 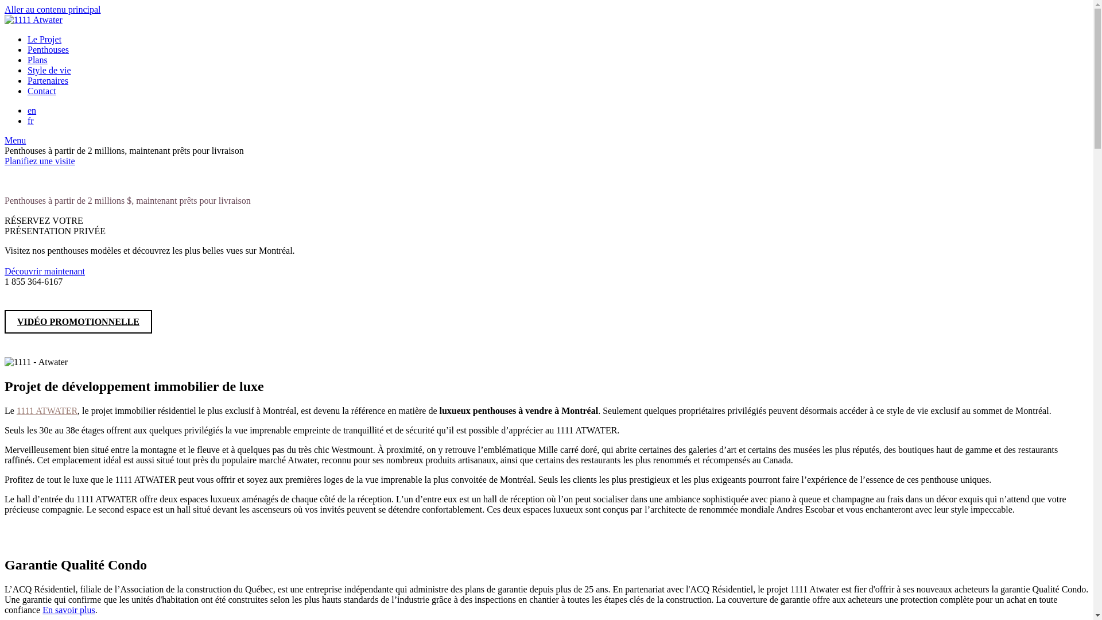 What do you see at coordinates (41, 90) in the screenshot?
I see `'Contact'` at bounding box center [41, 90].